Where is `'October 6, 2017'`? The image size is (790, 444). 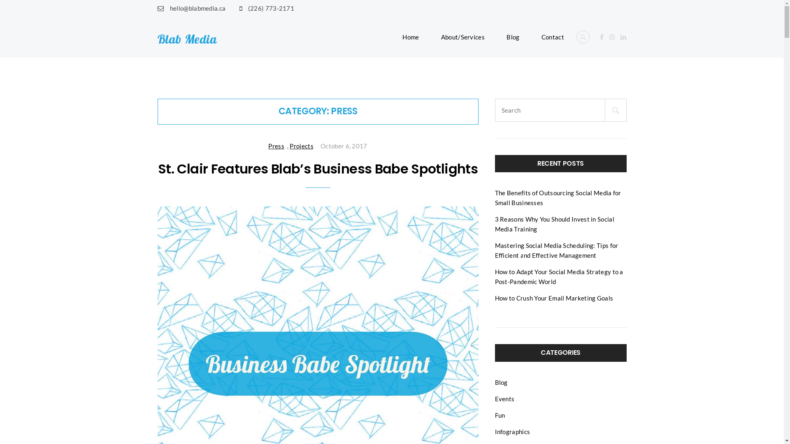 'October 6, 2017' is located at coordinates (317, 145).